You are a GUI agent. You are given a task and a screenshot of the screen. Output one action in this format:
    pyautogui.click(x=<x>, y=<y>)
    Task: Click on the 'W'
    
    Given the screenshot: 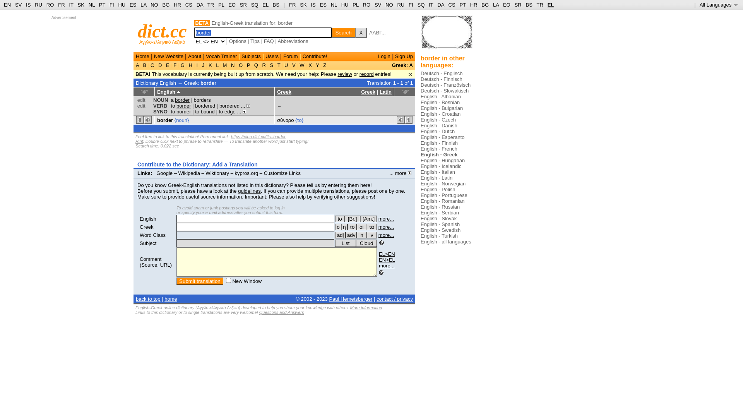 What is the action you would take?
    pyautogui.click(x=302, y=65)
    